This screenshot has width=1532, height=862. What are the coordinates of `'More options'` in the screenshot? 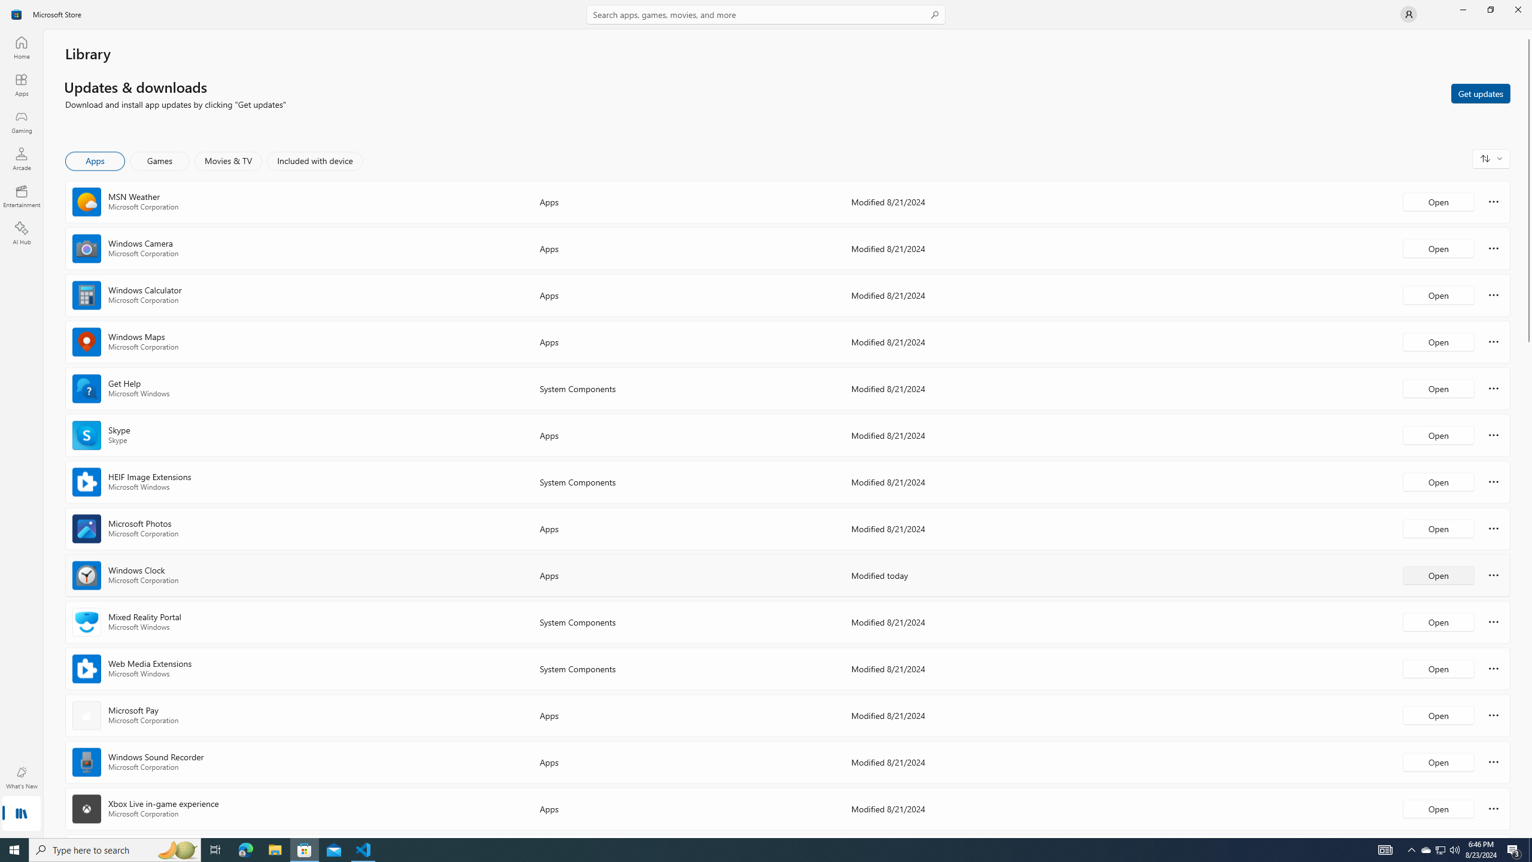 It's located at (1493, 808).